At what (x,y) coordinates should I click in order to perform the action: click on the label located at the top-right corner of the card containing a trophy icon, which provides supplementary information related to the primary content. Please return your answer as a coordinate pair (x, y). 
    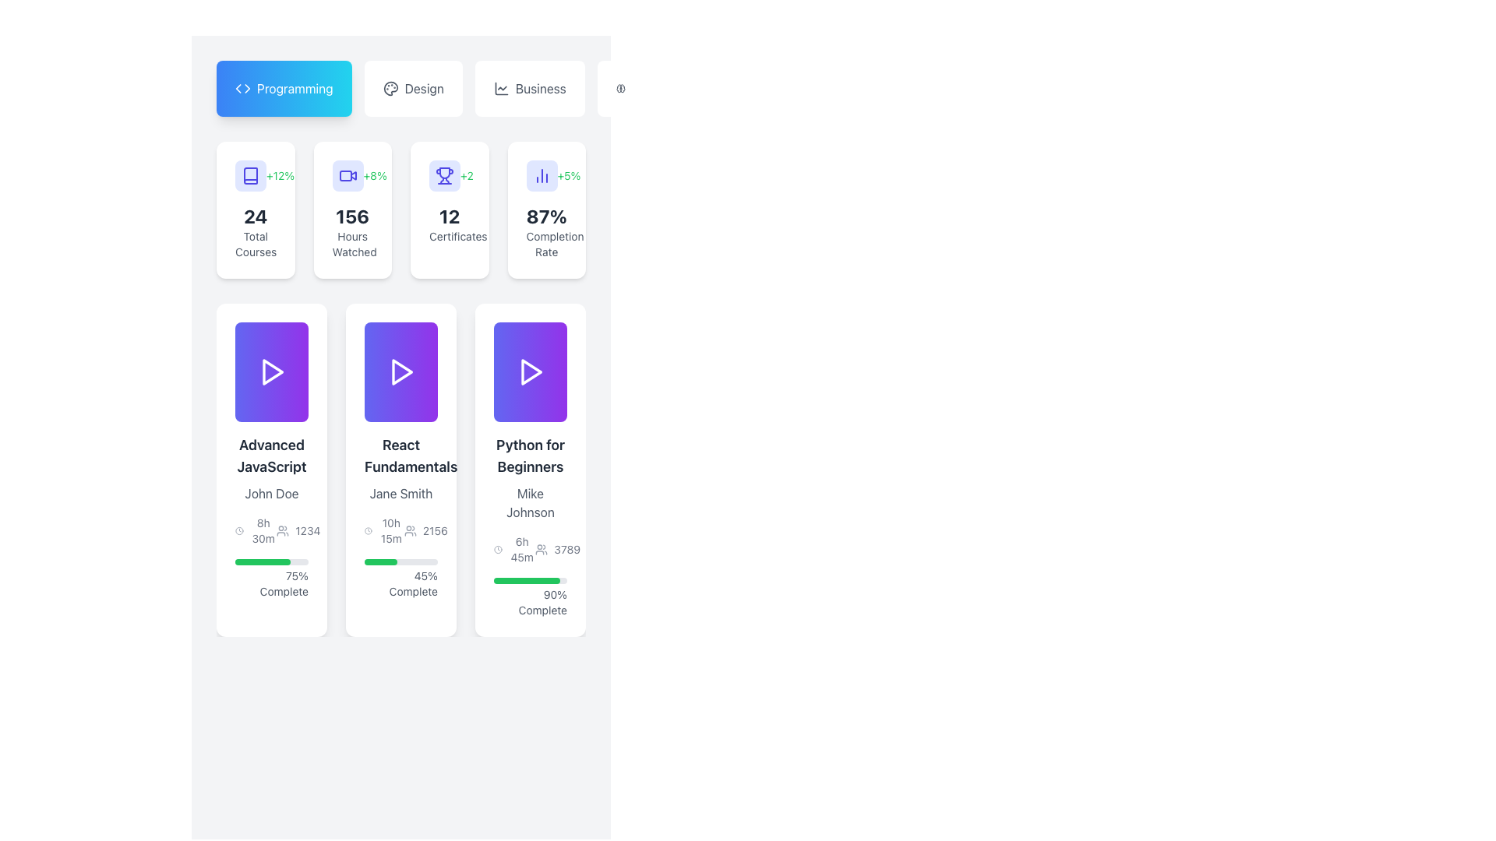
    Looking at the image, I should click on (466, 175).